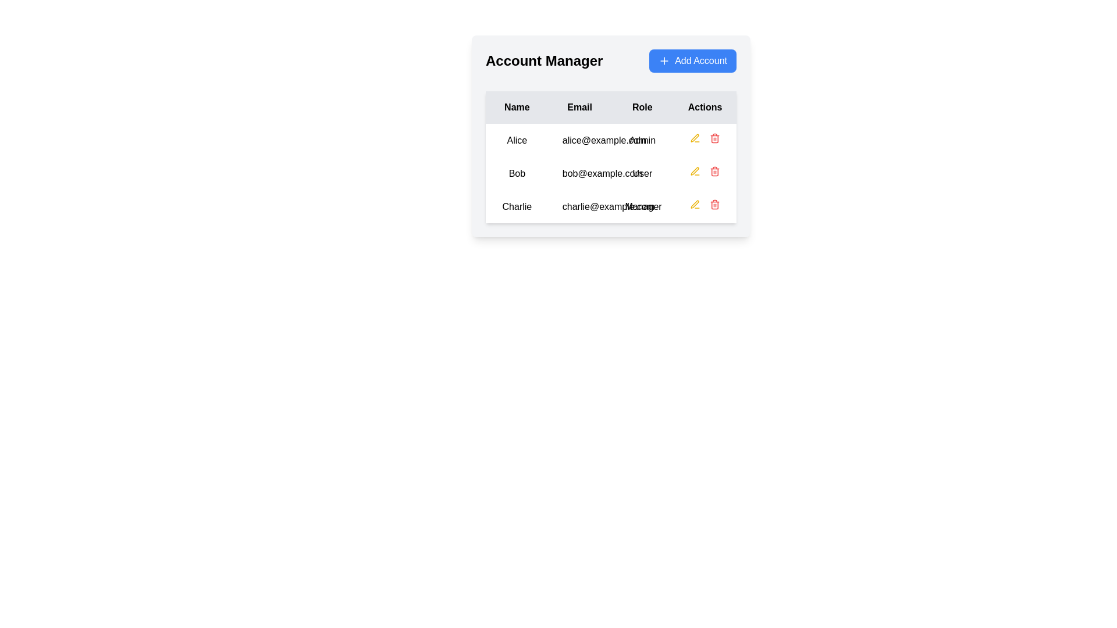 The height and width of the screenshot is (628, 1117). What do you see at coordinates (704, 173) in the screenshot?
I see `the yellow pencil icon in the action buttons group for user 'Bob' to initiate edit functionality` at bounding box center [704, 173].